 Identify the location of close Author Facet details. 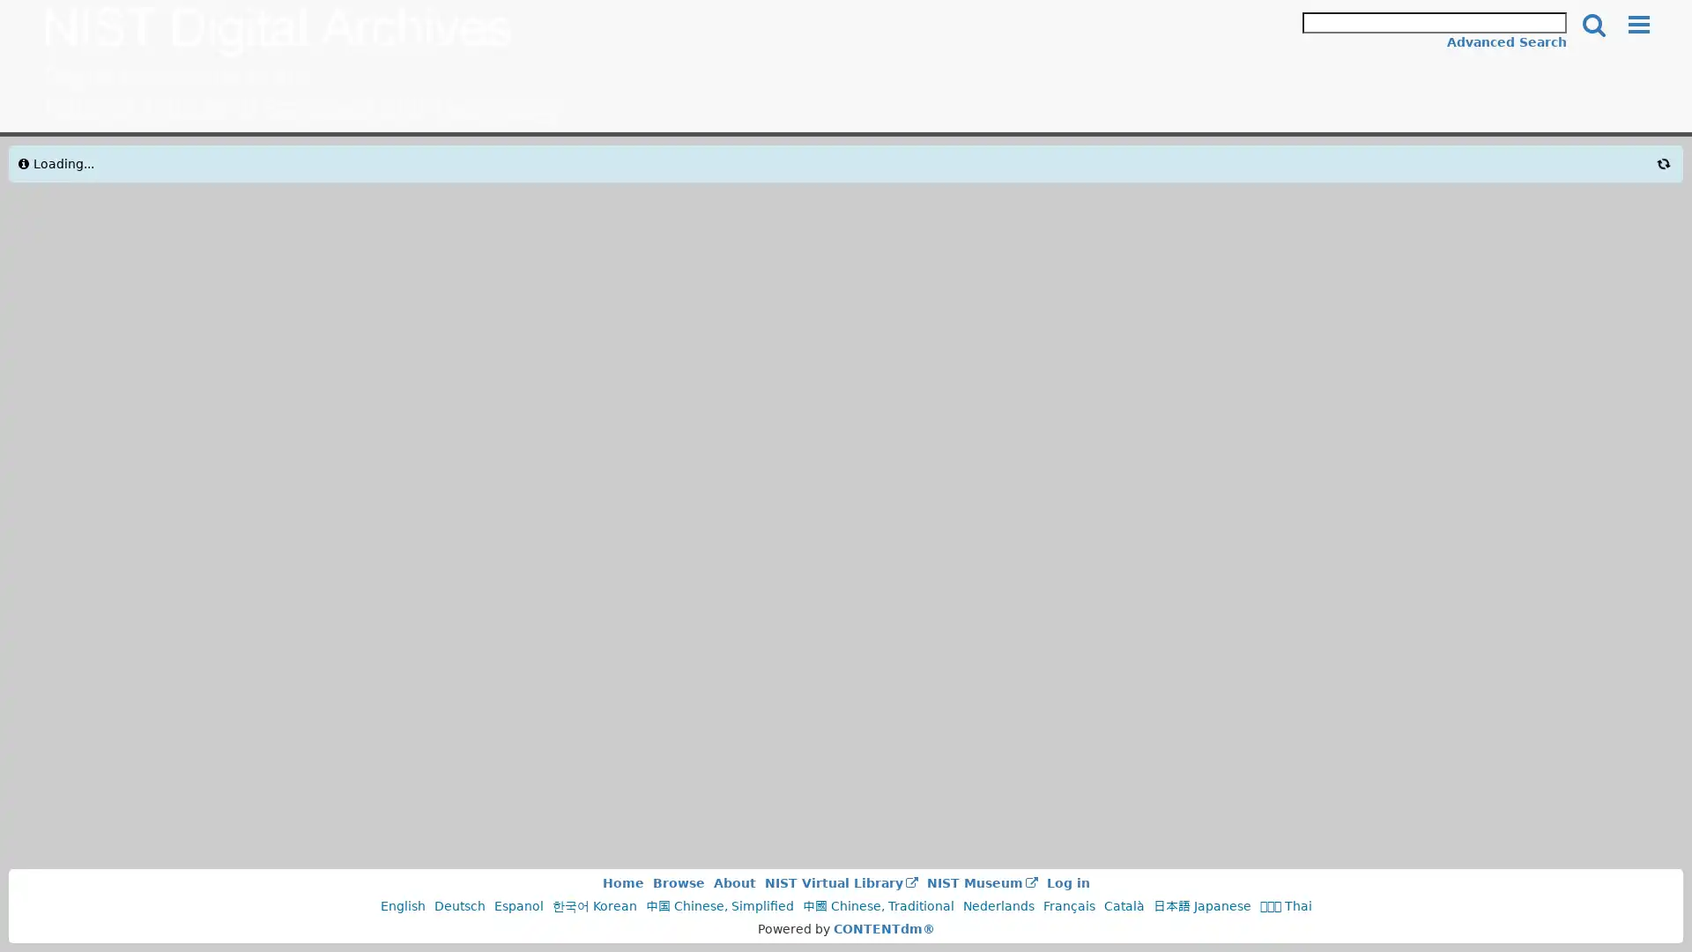
(77, 844).